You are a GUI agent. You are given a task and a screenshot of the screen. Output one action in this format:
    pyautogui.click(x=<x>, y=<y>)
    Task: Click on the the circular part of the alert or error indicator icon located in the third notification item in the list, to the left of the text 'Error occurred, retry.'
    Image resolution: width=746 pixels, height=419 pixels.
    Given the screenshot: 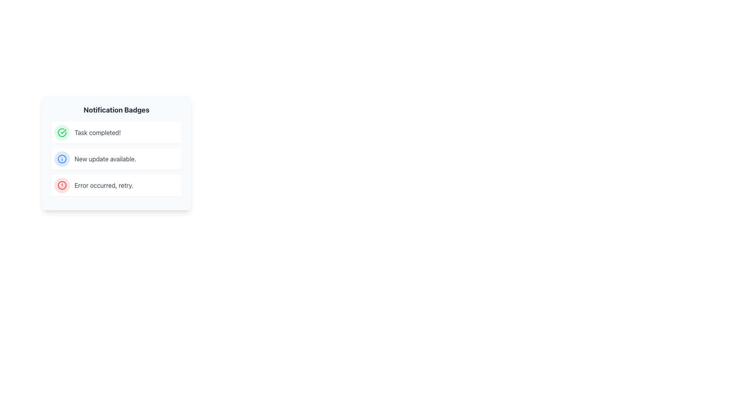 What is the action you would take?
    pyautogui.click(x=61, y=185)
    